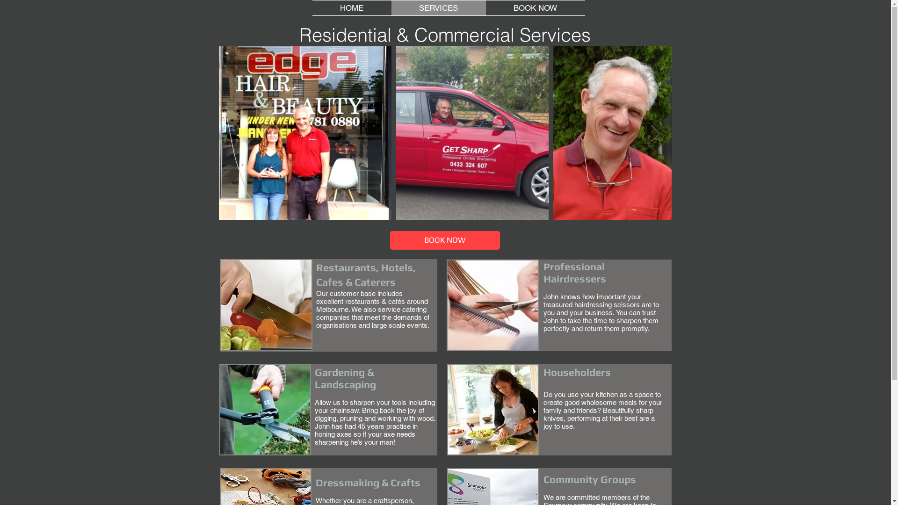 This screenshot has height=505, width=898. I want to click on 'BOOK NOW', so click(444, 239).